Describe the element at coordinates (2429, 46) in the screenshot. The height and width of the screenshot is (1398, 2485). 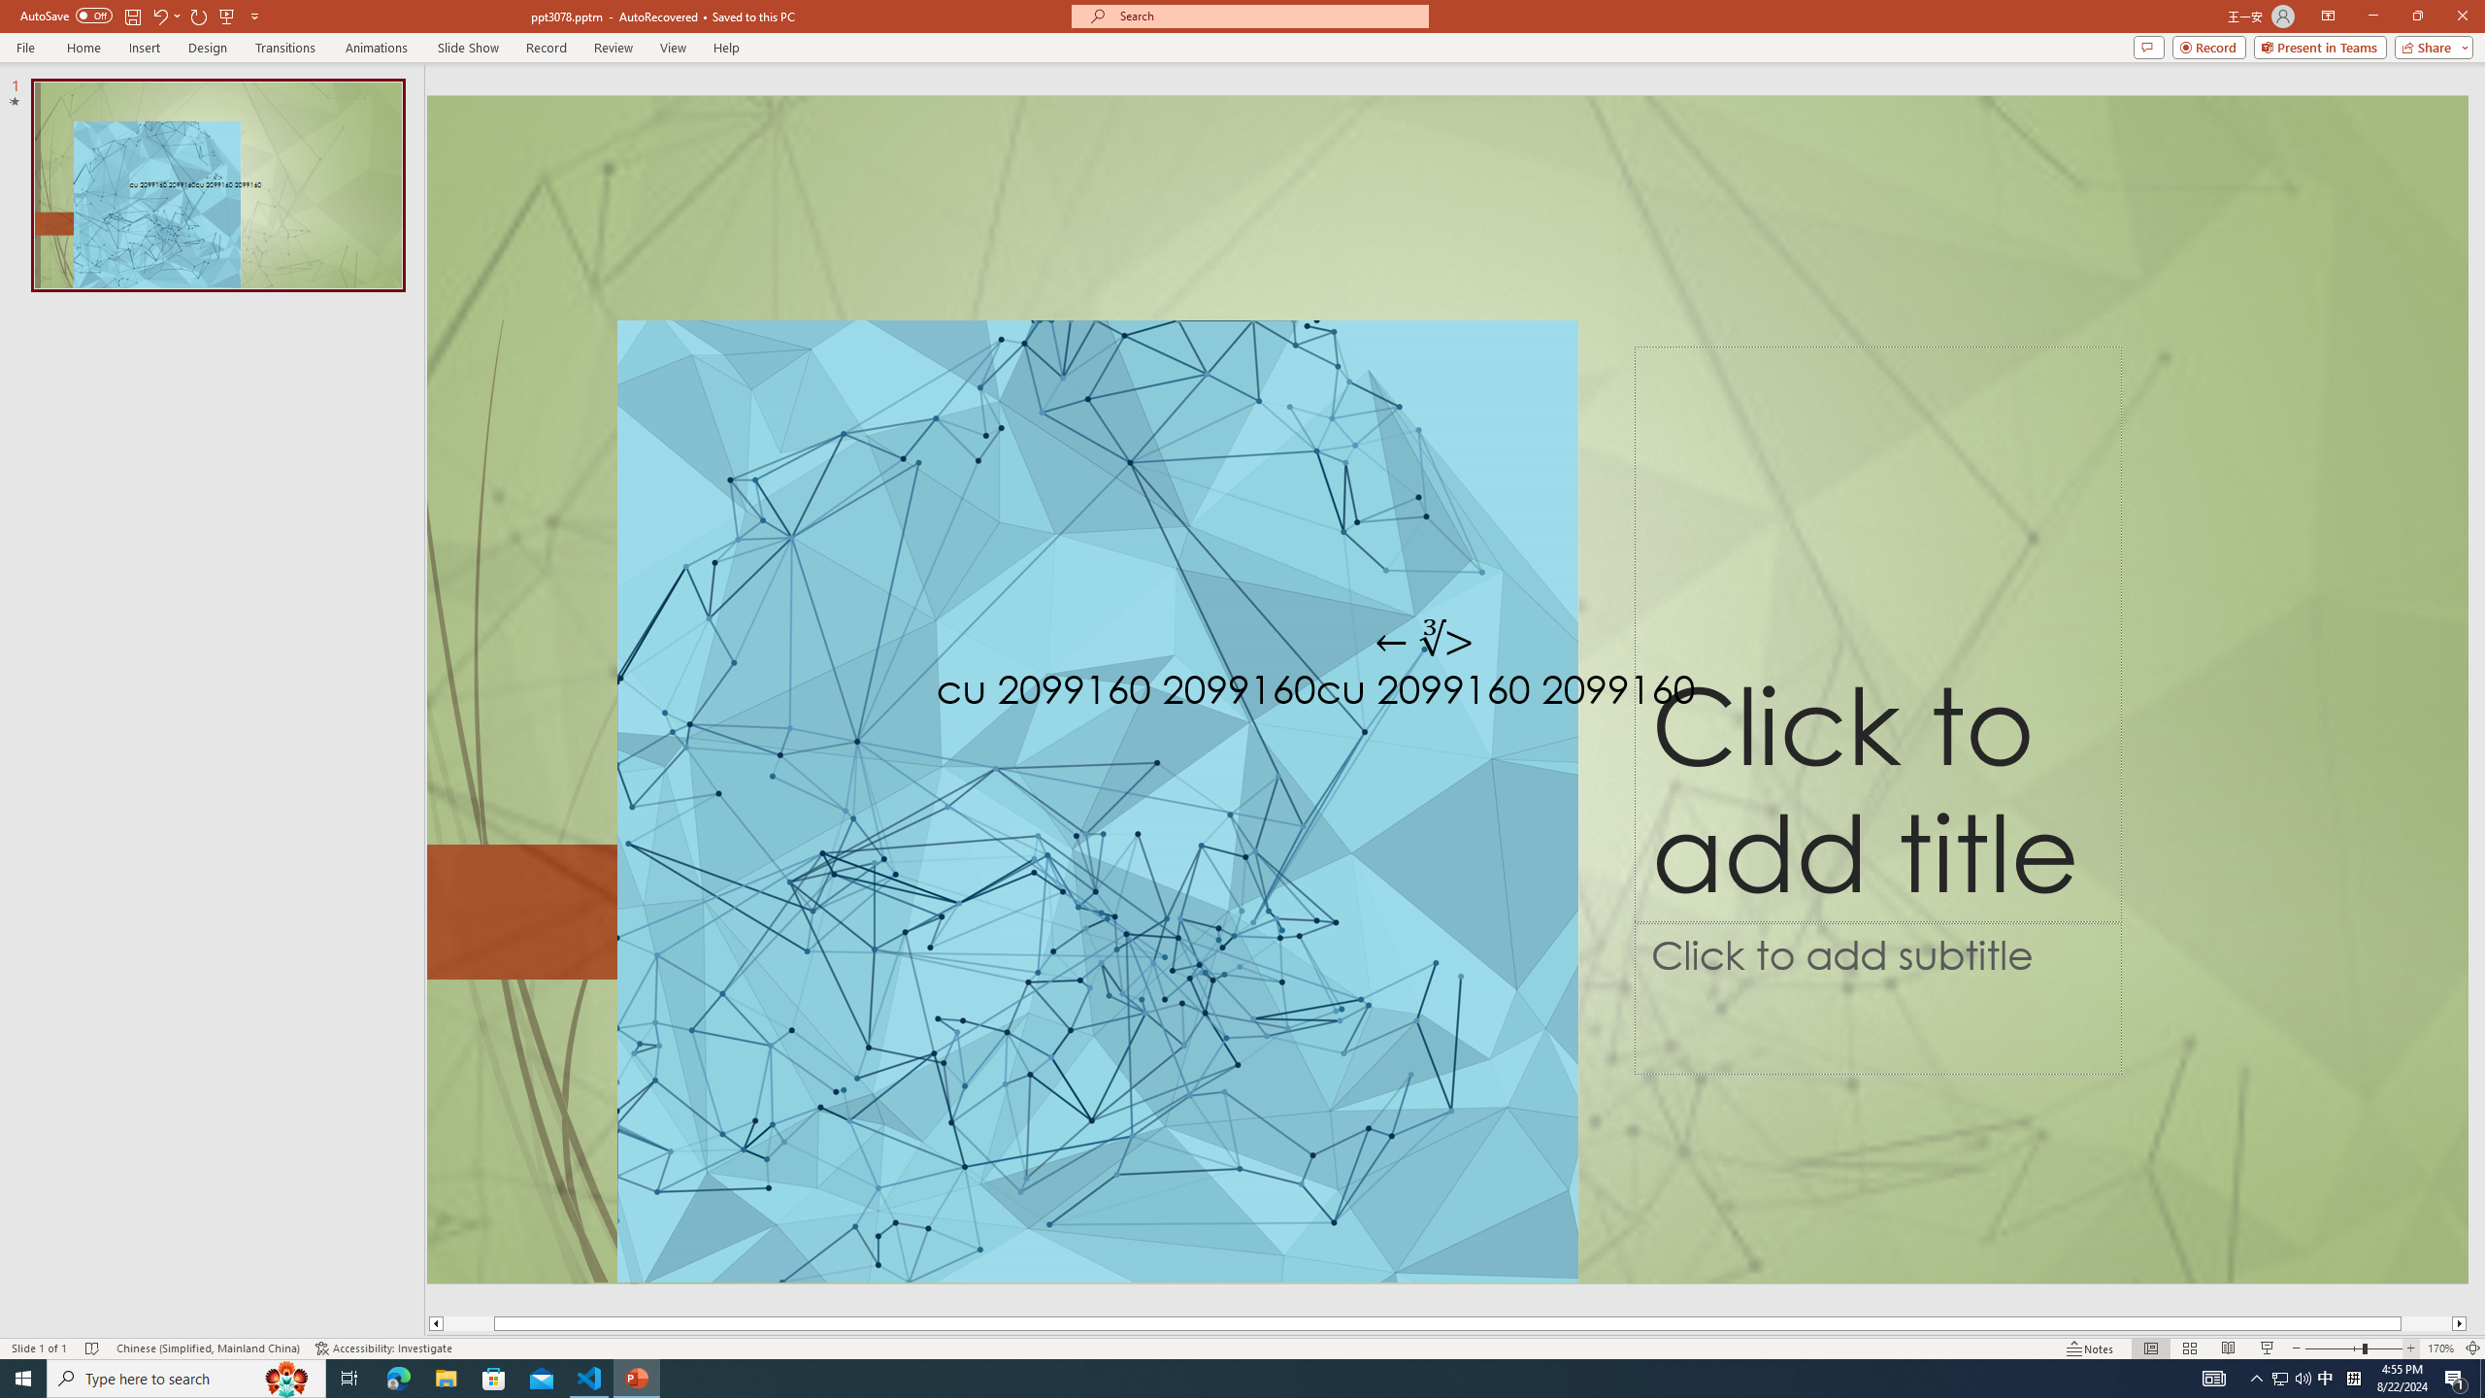
I see `'Share'` at that location.